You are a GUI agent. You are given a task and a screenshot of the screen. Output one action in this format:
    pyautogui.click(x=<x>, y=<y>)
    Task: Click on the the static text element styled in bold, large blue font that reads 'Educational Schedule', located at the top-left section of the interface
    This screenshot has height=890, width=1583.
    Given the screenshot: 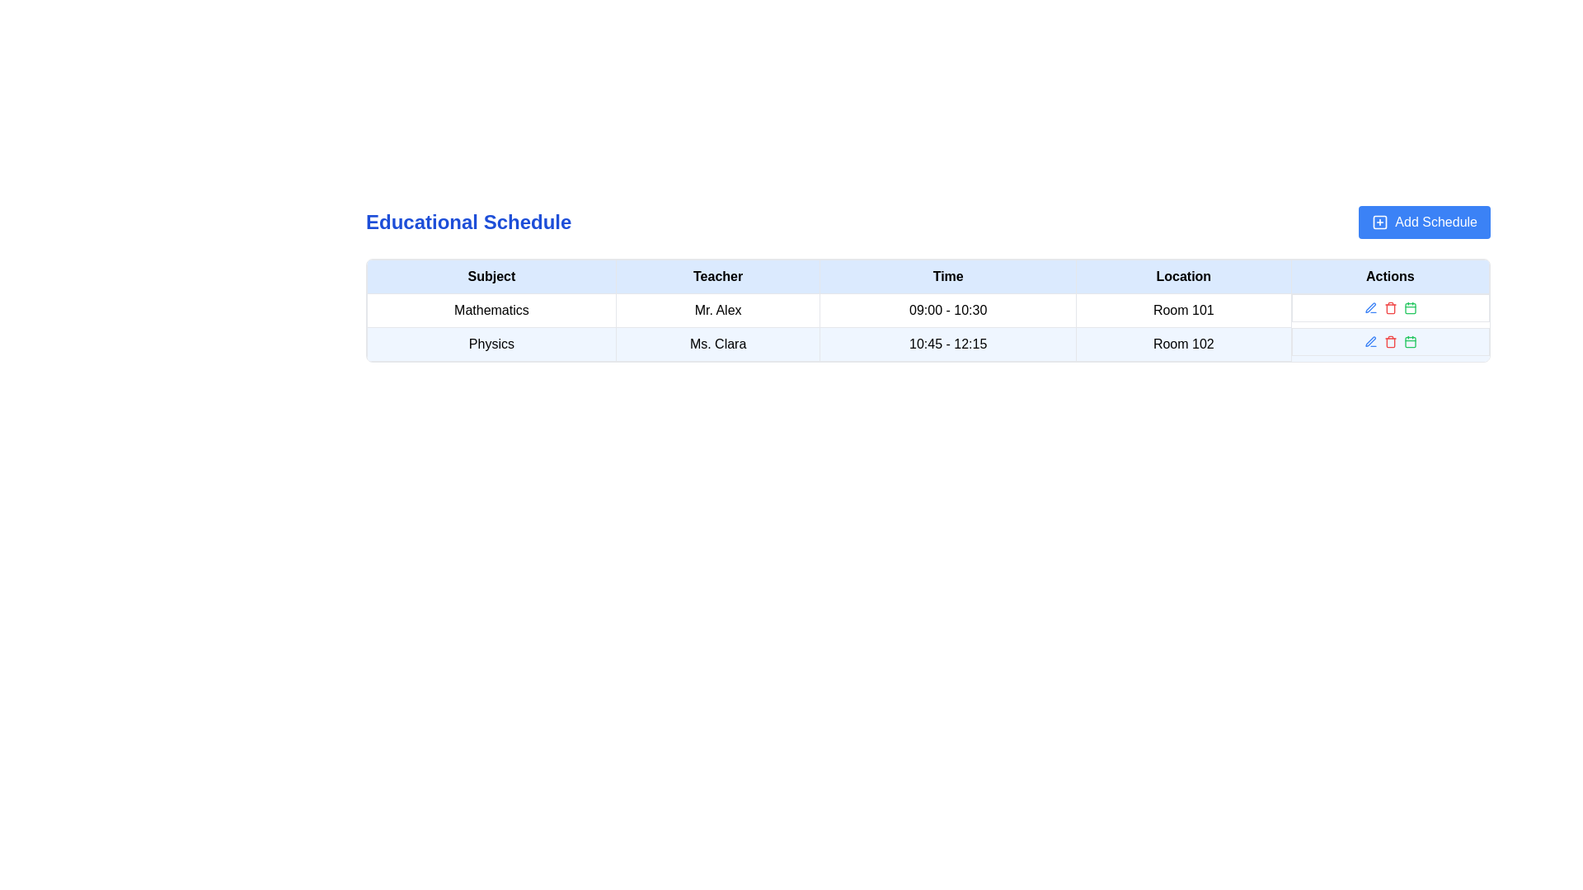 What is the action you would take?
    pyautogui.click(x=467, y=222)
    